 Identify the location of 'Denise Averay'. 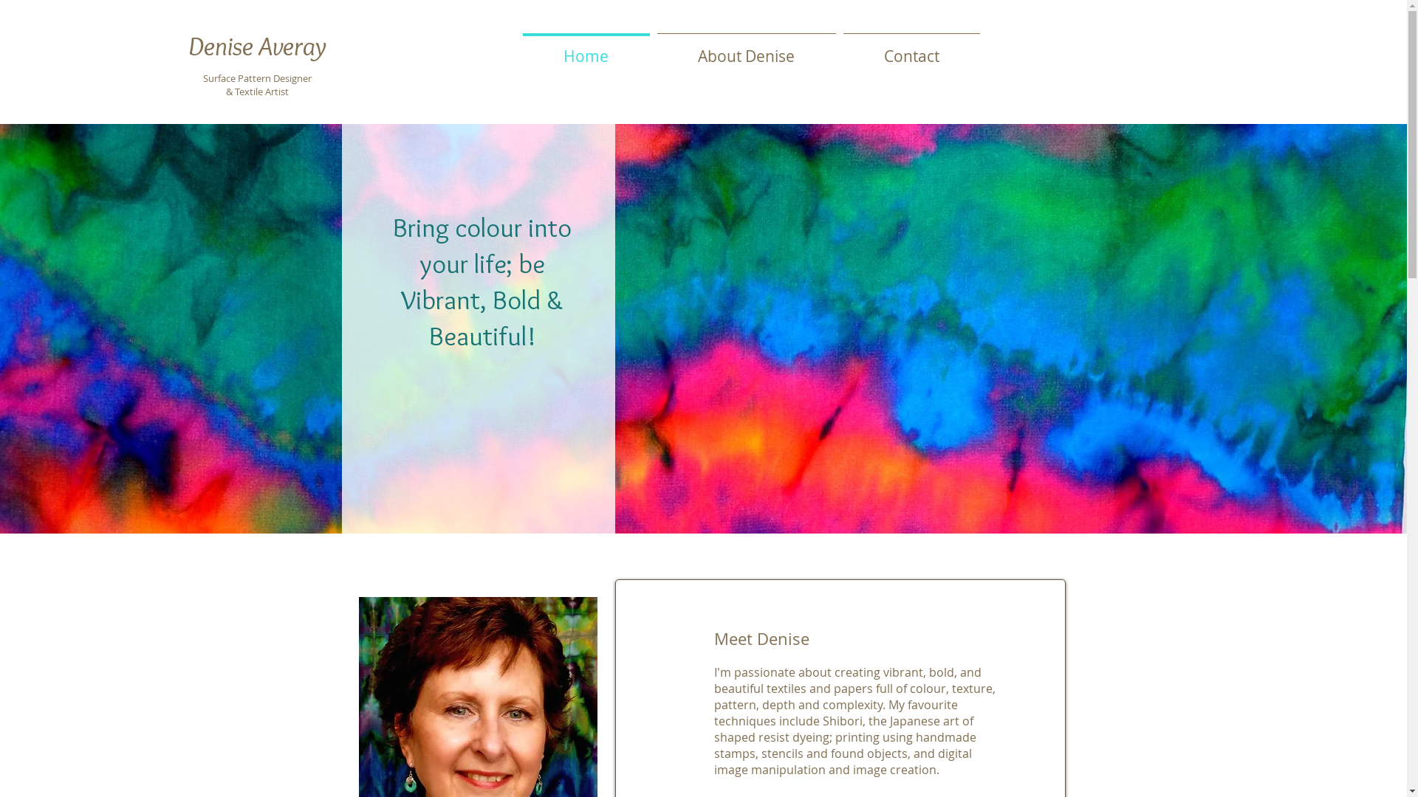
(257, 44).